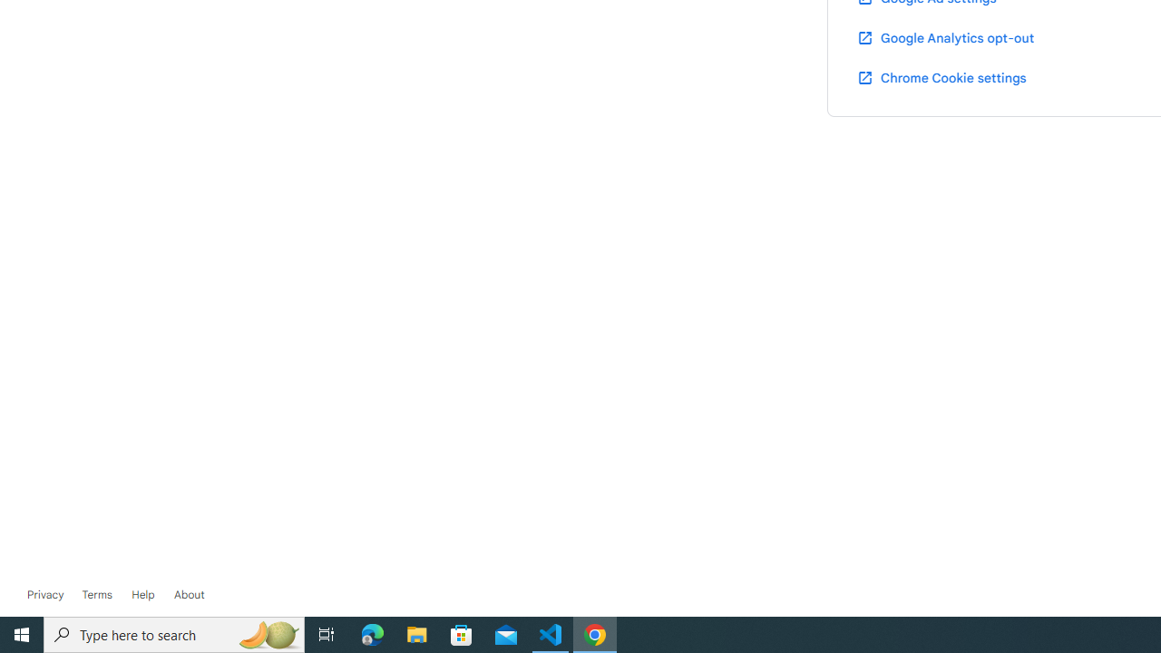  What do you see at coordinates (943, 37) in the screenshot?
I see `'Google Analytics opt-out'` at bounding box center [943, 37].